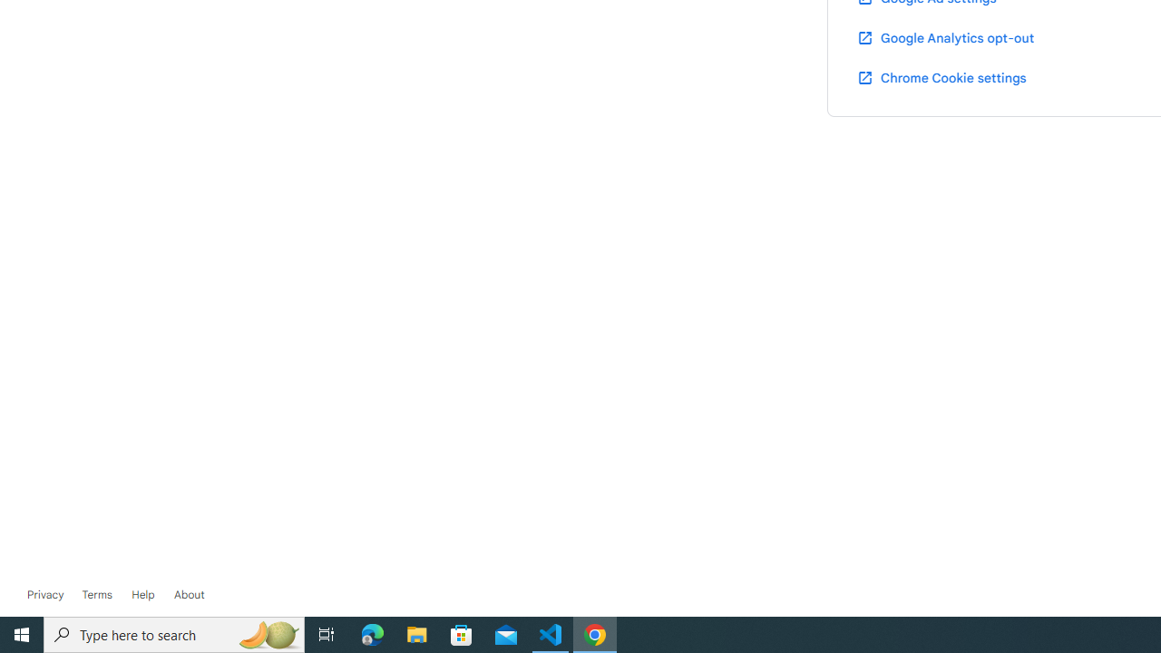  What do you see at coordinates (943, 37) in the screenshot?
I see `'Google Analytics opt-out'` at bounding box center [943, 37].